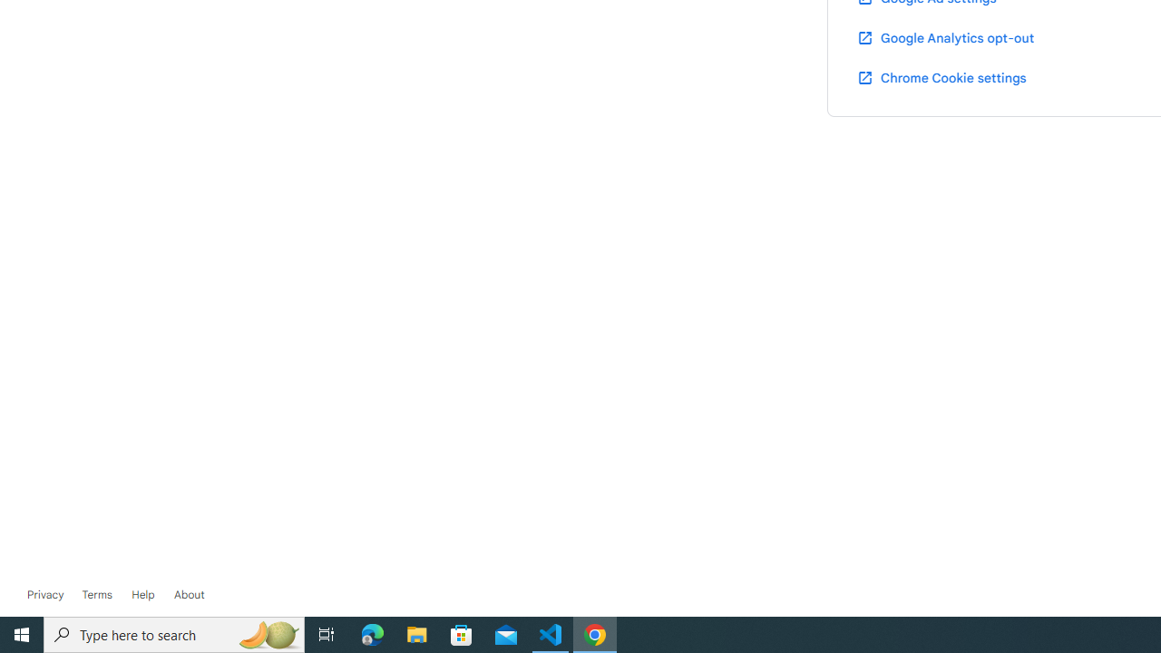  What do you see at coordinates (943, 37) in the screenshot?
I see `'Google Analytics opt-out'` at bounding box center [943, 37].